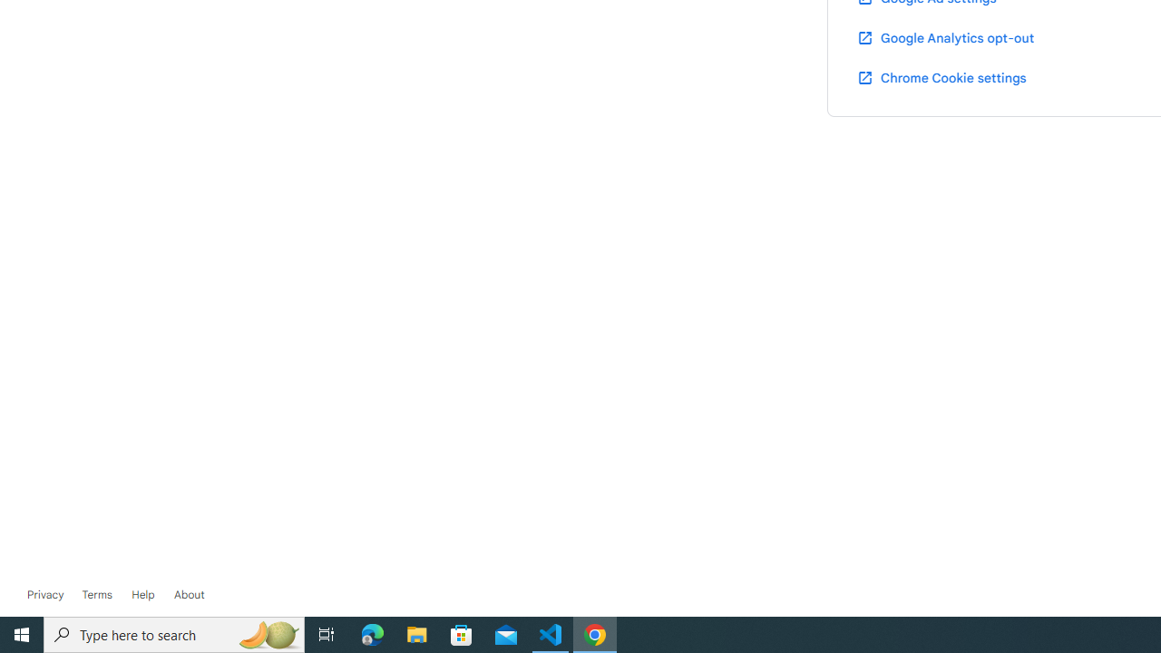  What do you see at coordinates (943, 37) in the screenshot?
I see `'Google Analytics opt-out'` at bounding box center [943, 37].